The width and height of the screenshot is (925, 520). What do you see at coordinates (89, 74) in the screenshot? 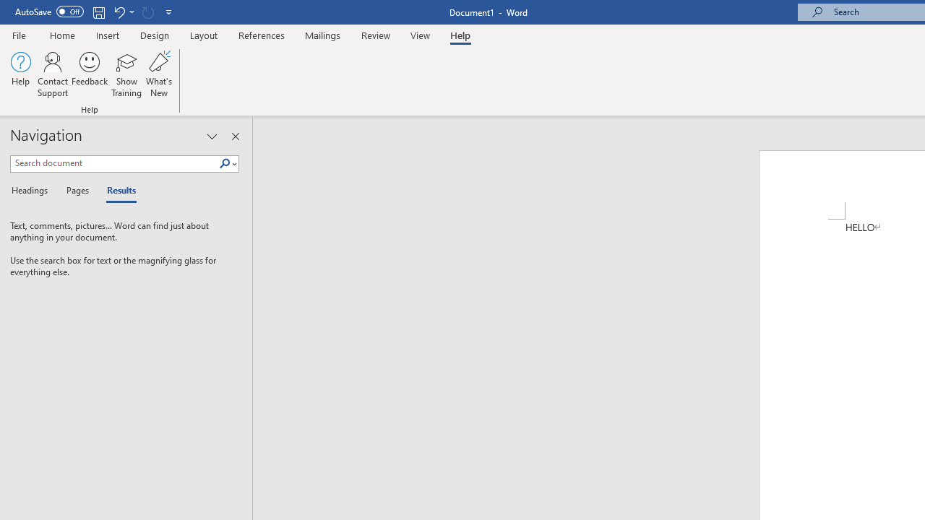
I see `'Feedback'` at bounding box center [89, 74].